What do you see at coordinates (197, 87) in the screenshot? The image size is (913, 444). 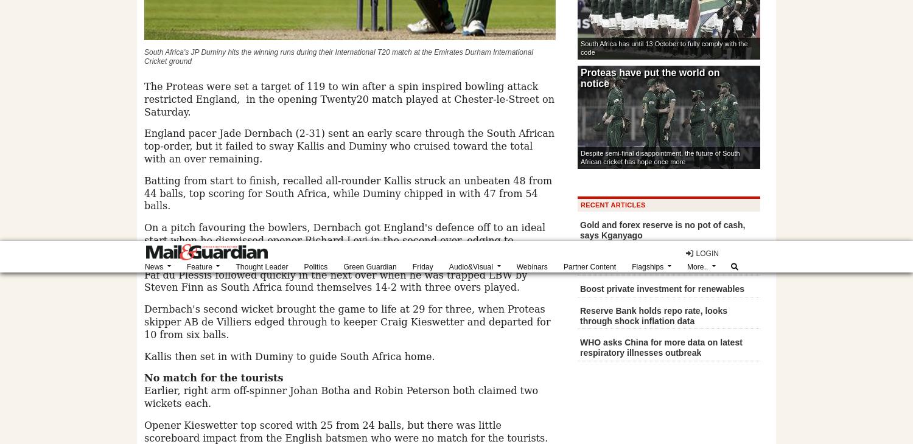 I see `'SUBSCRIPTIONS'` at bounding box center [197, 87].